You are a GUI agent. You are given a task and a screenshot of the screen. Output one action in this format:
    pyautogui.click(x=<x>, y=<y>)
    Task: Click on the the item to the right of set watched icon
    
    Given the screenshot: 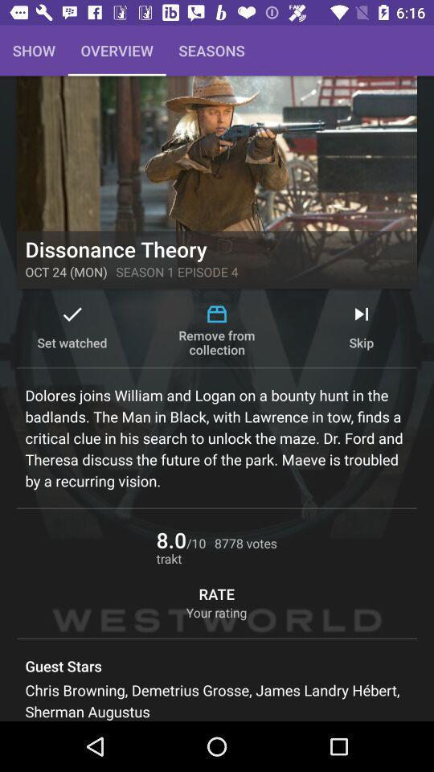 What is the action you would take?
    pyautogui.click(x=217, y=329)
    